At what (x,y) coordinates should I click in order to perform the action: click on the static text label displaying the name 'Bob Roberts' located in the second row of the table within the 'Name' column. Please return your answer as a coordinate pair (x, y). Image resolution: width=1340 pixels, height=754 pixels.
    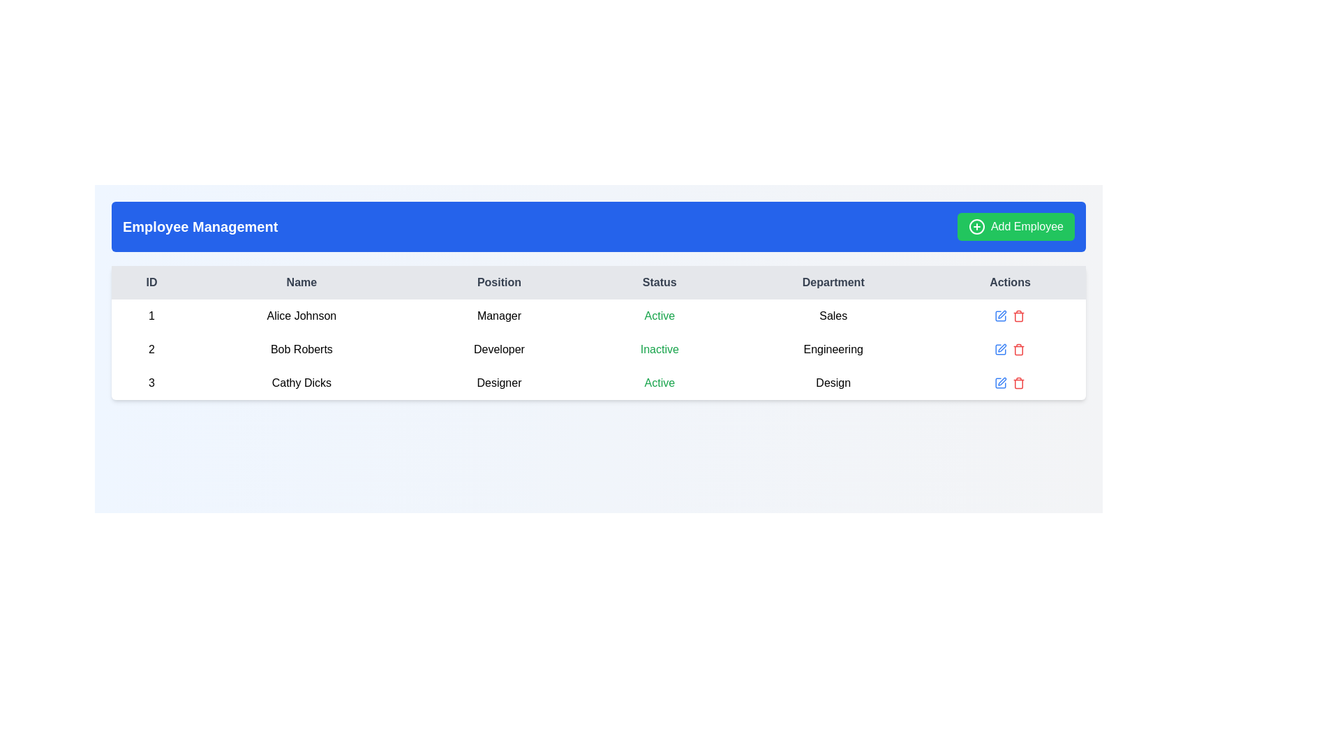
    Looking at the image, I should click on (301, 349).